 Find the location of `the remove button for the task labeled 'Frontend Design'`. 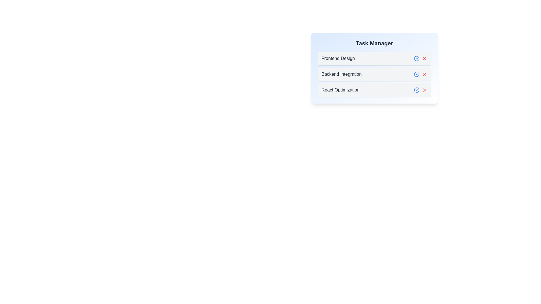

the remove button for the task labeled 'Frontend Design' is located at coordinates (425, 59).